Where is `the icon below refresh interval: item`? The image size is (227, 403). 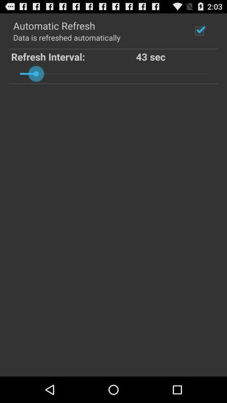
the icon below refresh interval: item is located at coordinates (113, 73).